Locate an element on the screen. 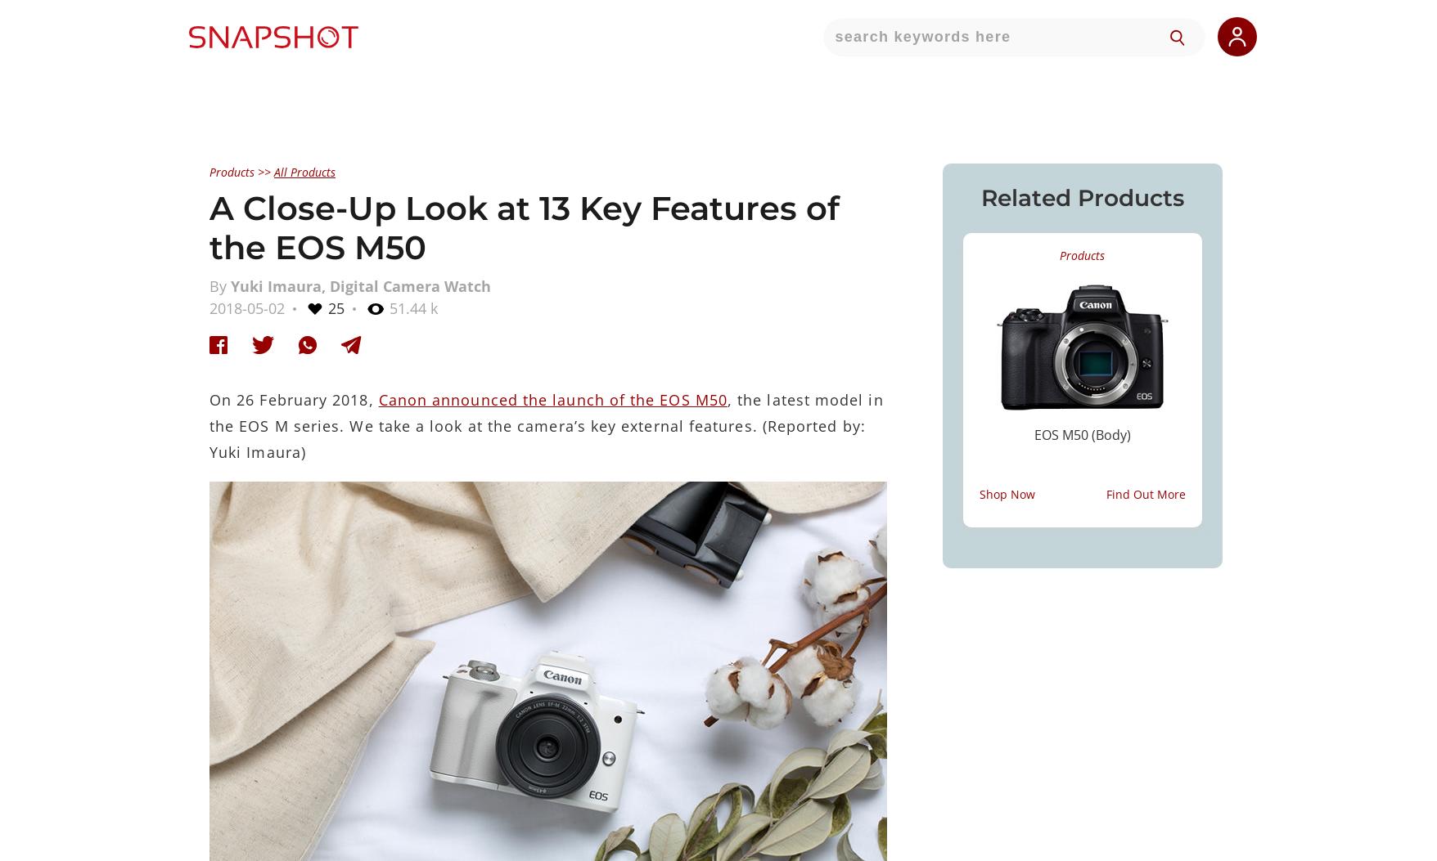 This screenshot has height=861, width=1437. 'Lenses & Accessories' is located at coordinates (717, 663).